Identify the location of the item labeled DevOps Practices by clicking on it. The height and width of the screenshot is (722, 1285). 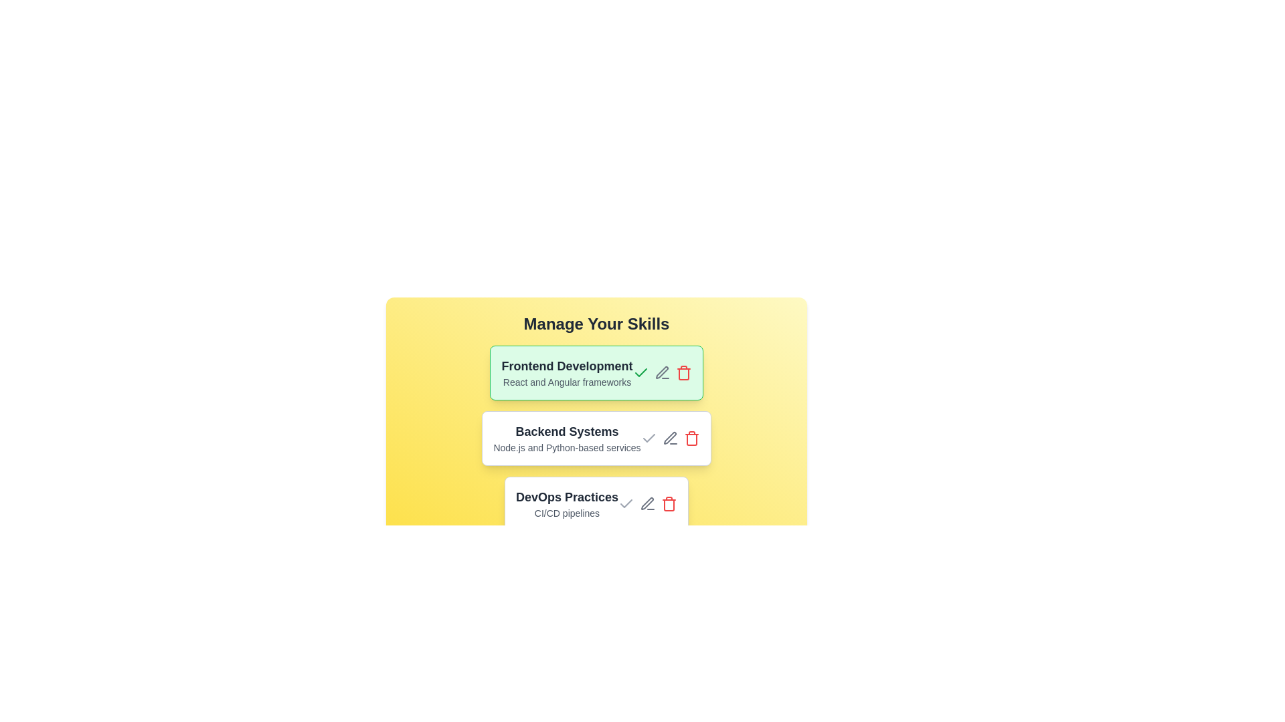
(596, 503).